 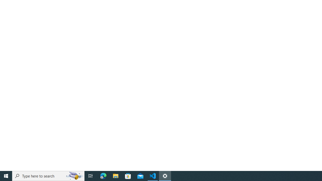 What do you see at coordinates (165, 175) in the screenshot?
I see `'Settings - 1 running window'` at bounding box center [165, 175].